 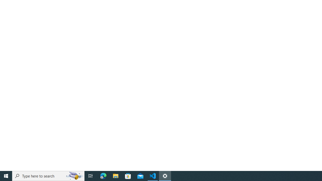 What do you see at coordinates (165, 175) in the screenshot?
I see `'Settings - 1 running window'` at bounding box center [165, 175].